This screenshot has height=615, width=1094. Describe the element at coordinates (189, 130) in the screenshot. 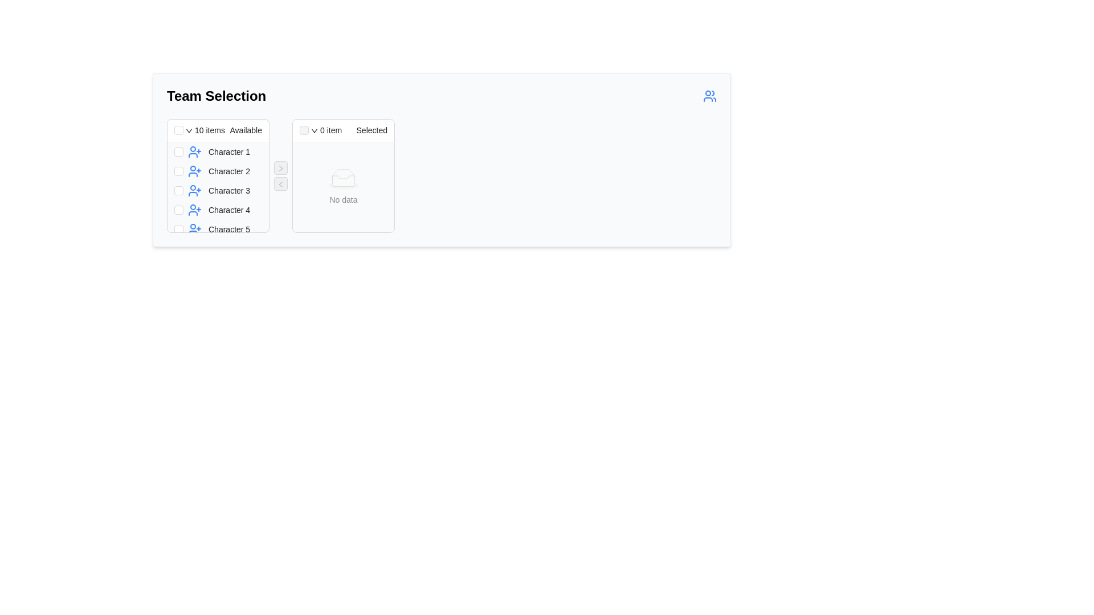

I see `the Dropdown trigger icon, which is a small downward-facing arrow located near the text '10 items Available'` at that location.